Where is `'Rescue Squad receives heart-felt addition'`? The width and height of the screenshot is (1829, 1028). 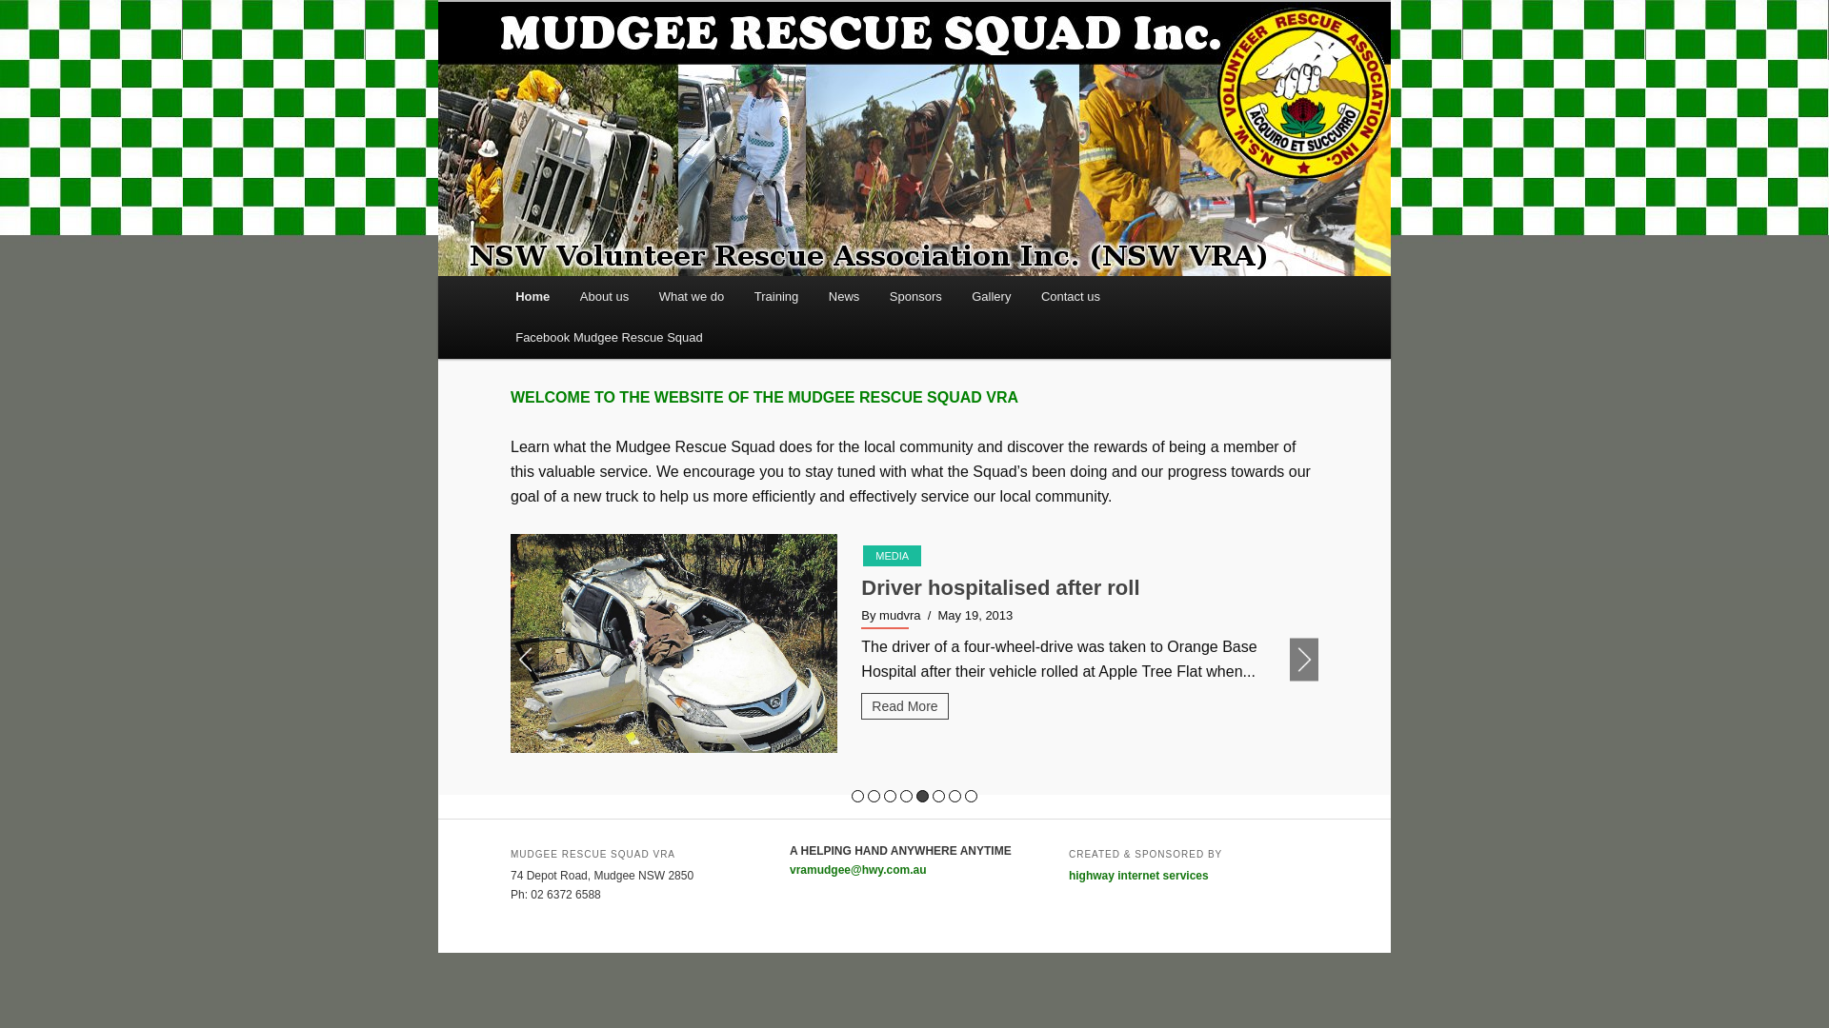 'Rescue Squad receives heart-felt addition' is located at coordinates (1070, 586).